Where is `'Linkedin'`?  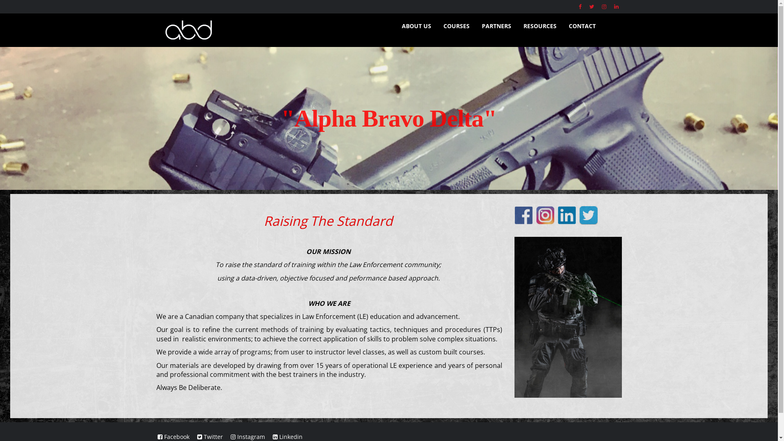 'Linkedin' is located at coordinates (287, 436).